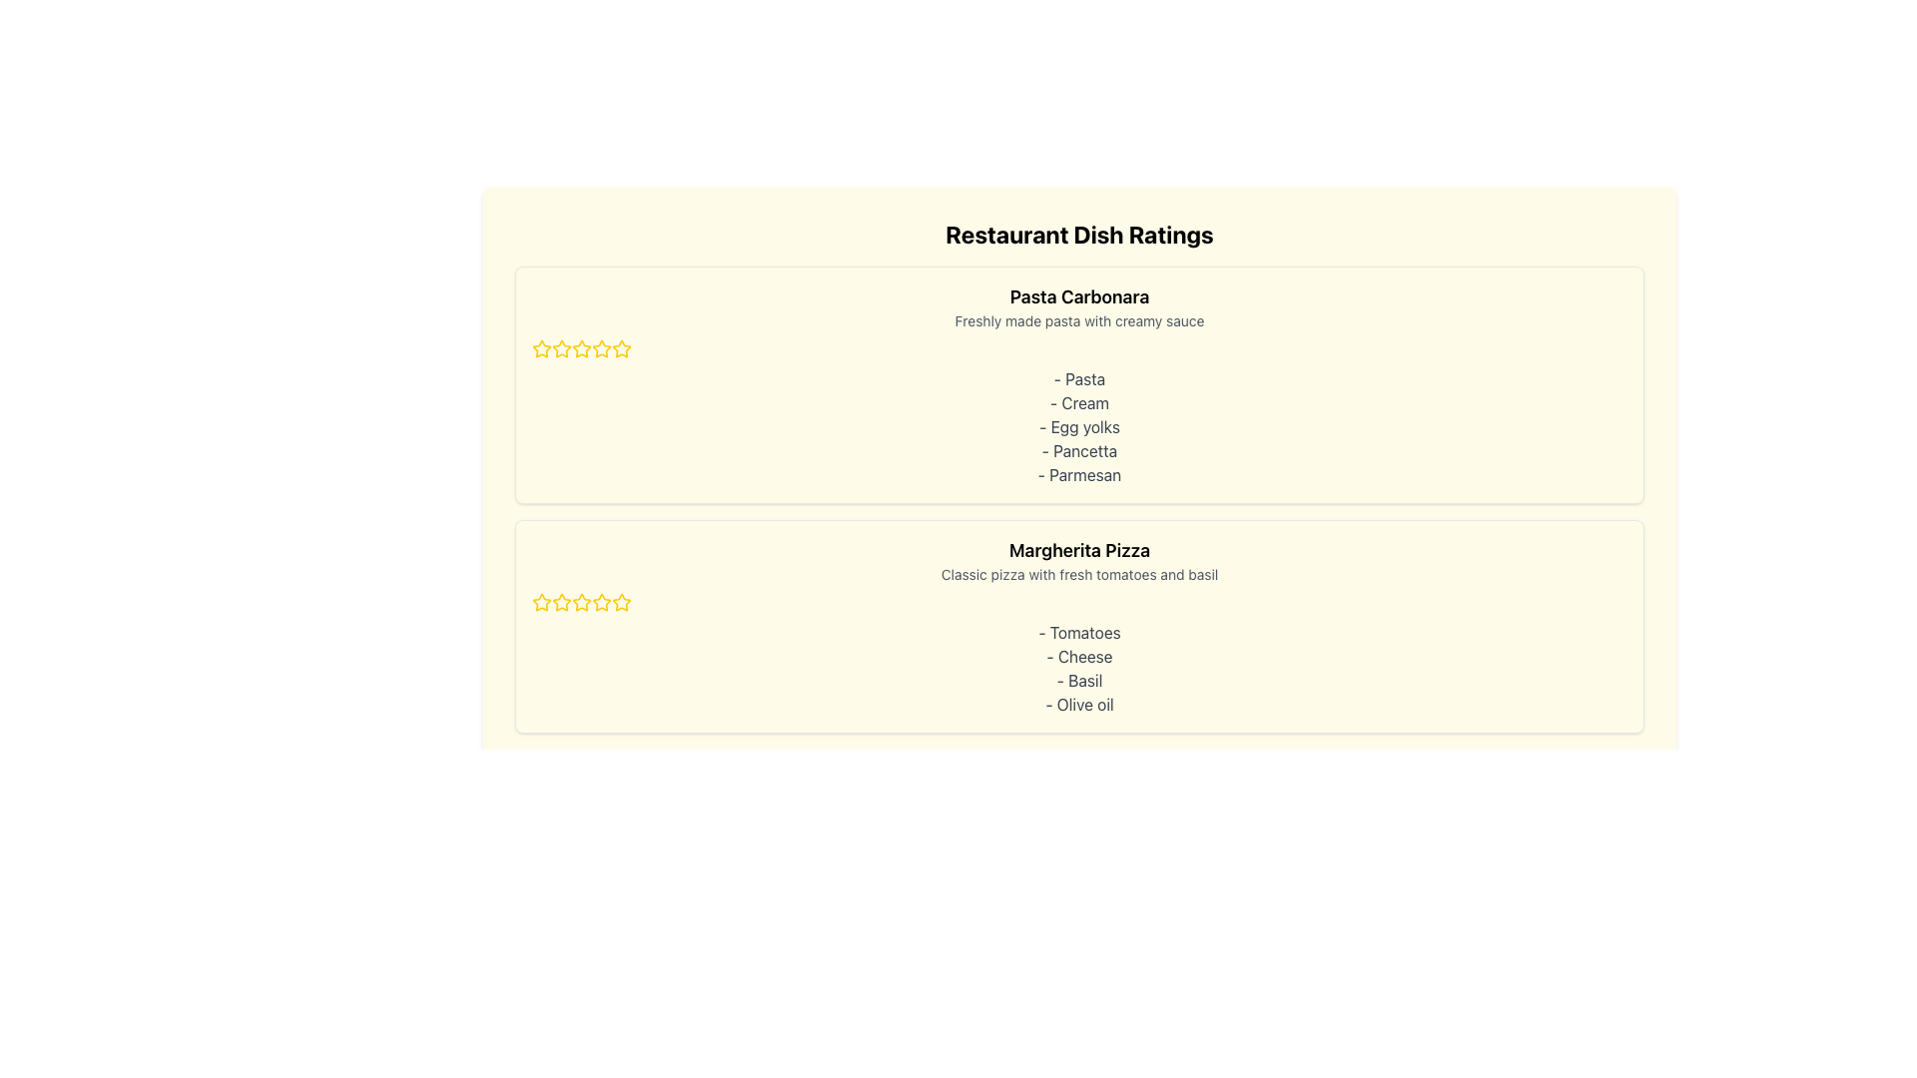  I want to click on the static text element displaying '- Parmesan' which is the fifth item in the 'Pasta Carbonara' section of the vertically listed text group, so click(1078, 474).